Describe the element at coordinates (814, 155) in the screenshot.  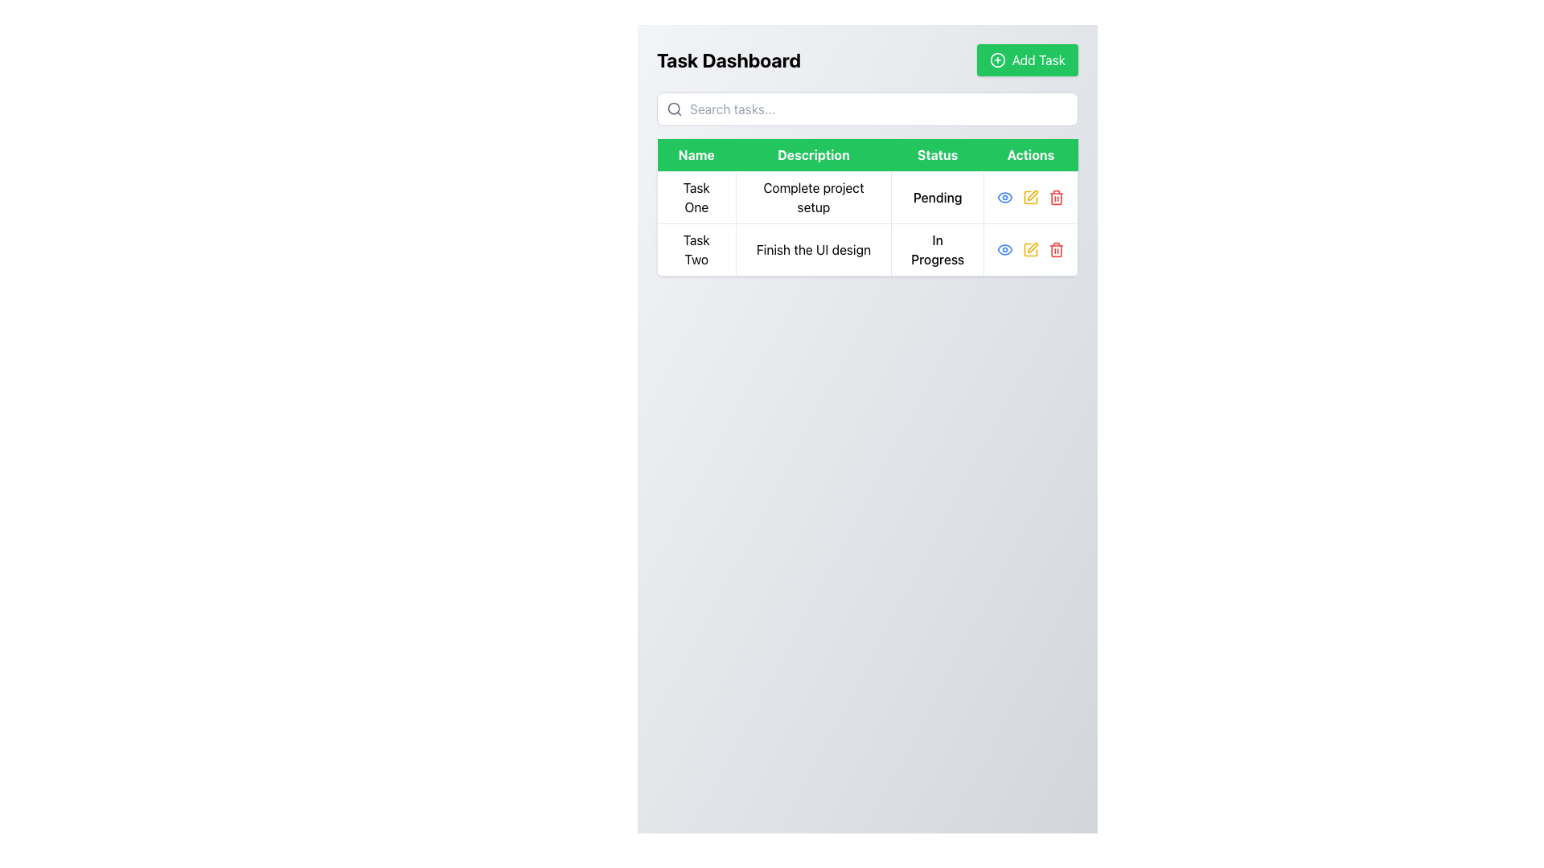
I see `the Table Column Header that categorizes data as 'Description', located in the second column of the table header row` at that location.